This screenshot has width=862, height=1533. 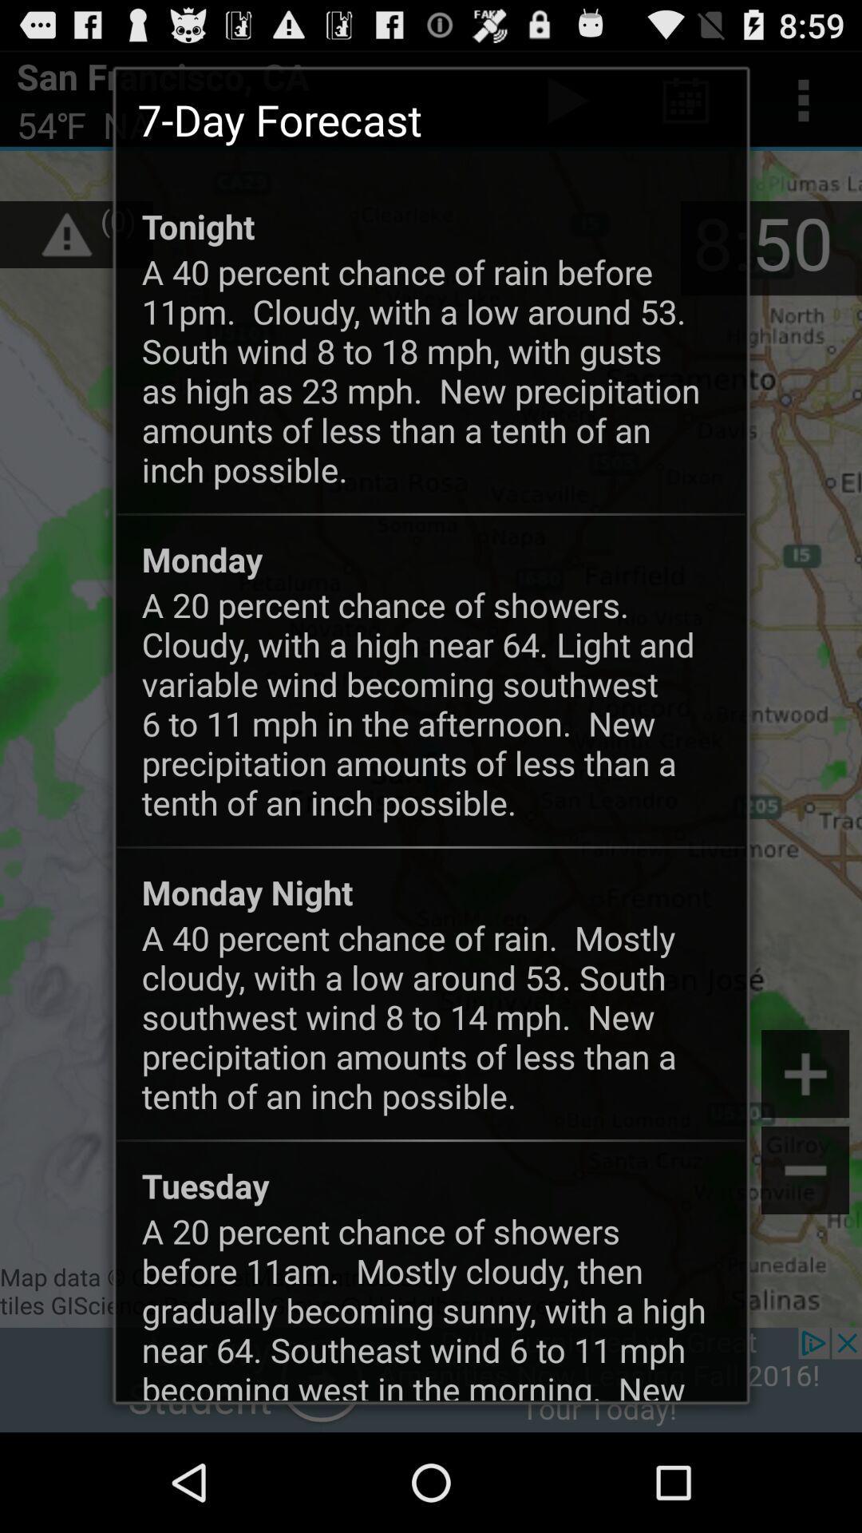 What do you see at coordinates (197, 225) in the screenshot?
I see `tonight at the top left corner` at bounding box center [197, 225].